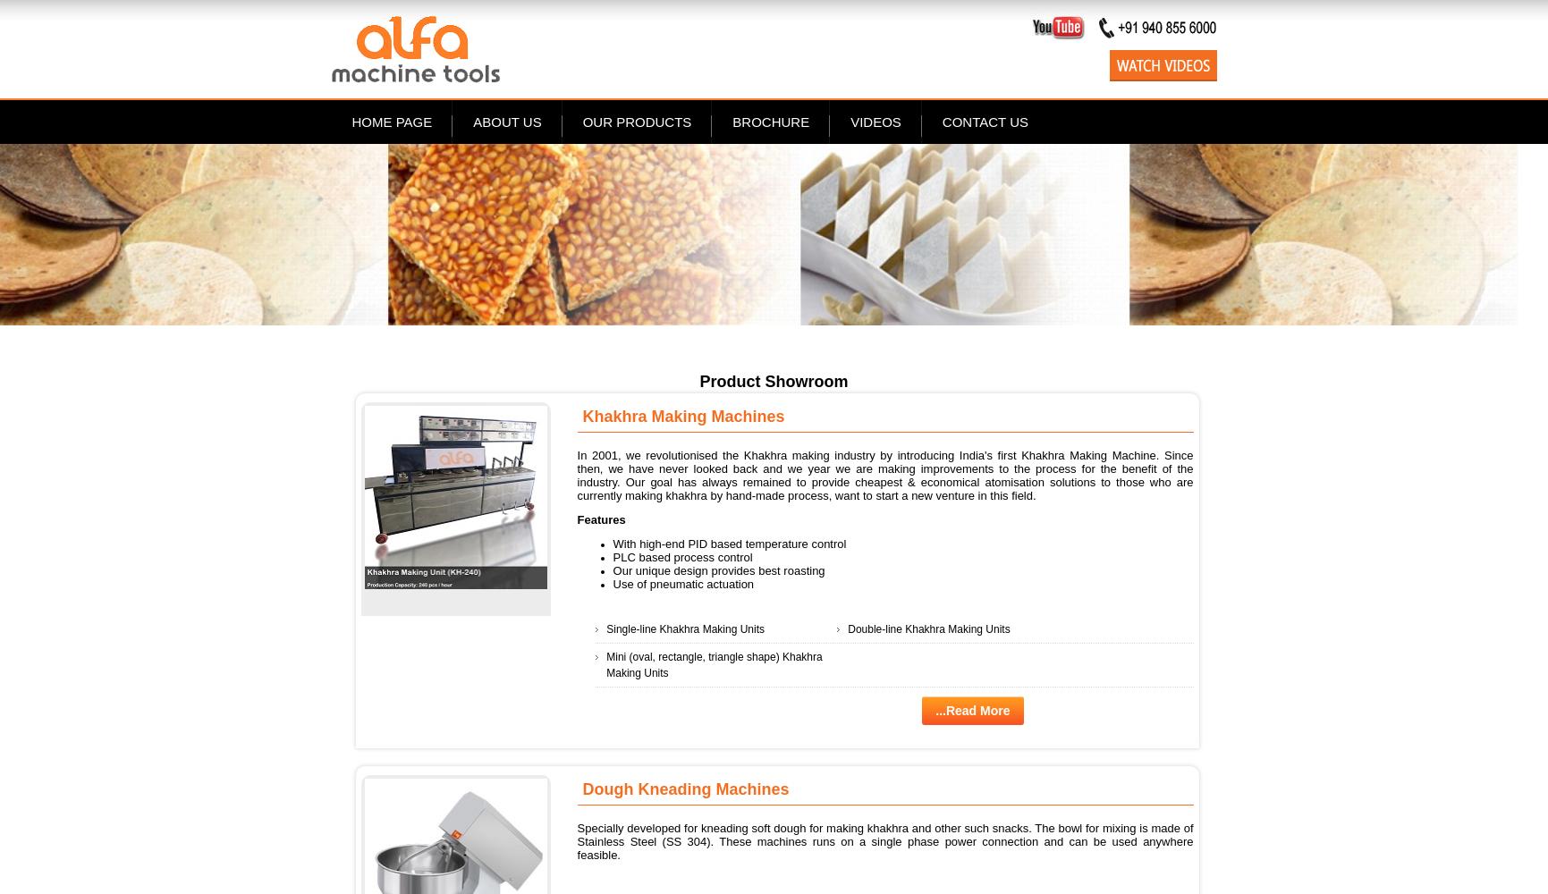 This screenshot has width=1548, height=894. I want to click on 'Double-line Khakhra Making Units', so click(927, 628).